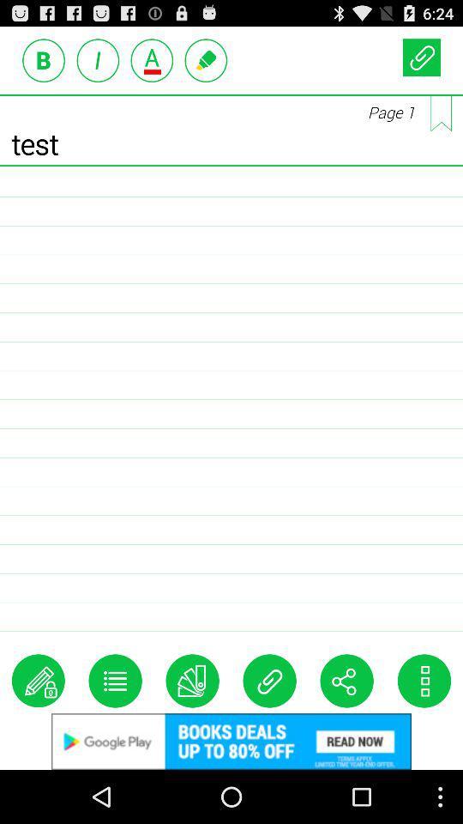  What do you see at coordinates (98, 60) in the screenshot?
I see `the advertisement option` at bounding box center [98, 60].